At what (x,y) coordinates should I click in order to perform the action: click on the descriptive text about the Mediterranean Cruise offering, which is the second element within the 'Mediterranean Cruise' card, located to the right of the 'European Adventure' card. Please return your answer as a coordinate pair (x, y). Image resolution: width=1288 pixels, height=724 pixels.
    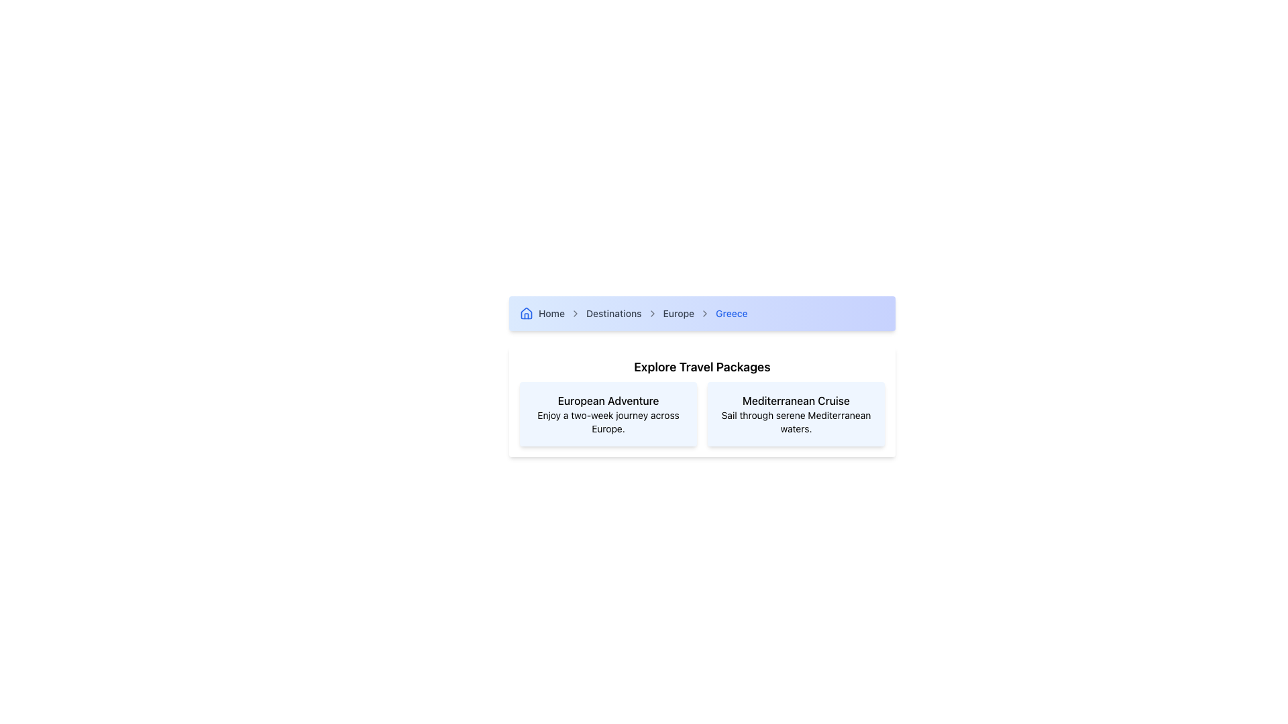
    Looking at the image, I should click on (796, 421).